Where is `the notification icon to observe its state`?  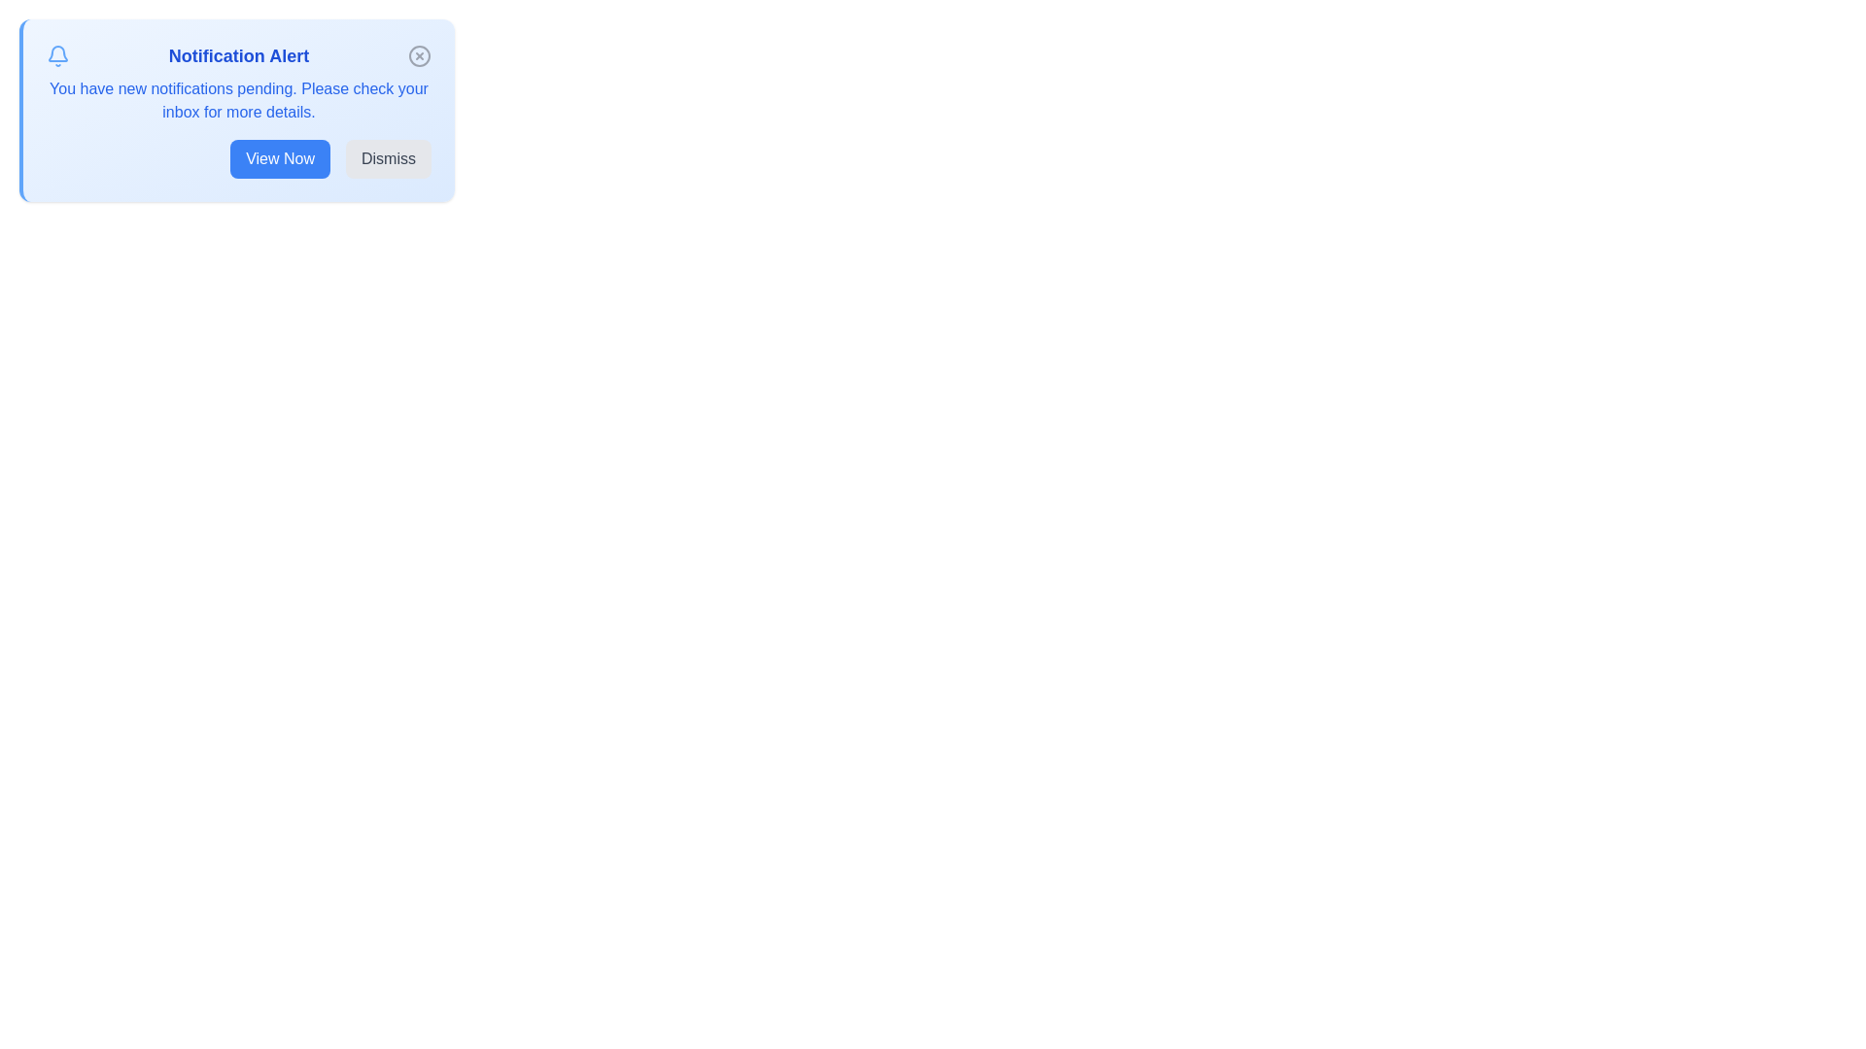
the notification icon to observe its state is located at coordinates (57, 54).